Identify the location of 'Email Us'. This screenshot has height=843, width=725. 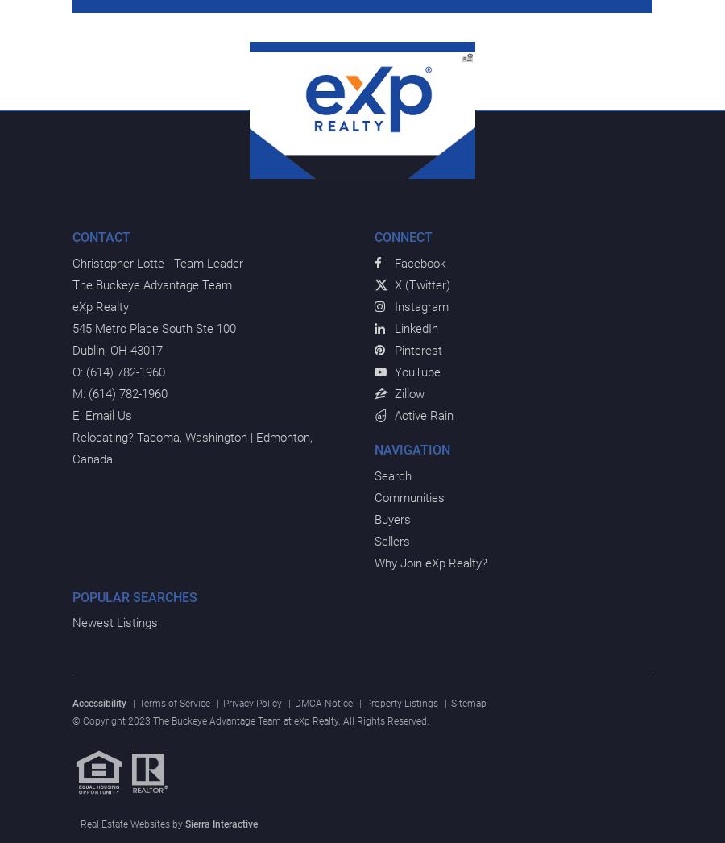
(109, 415).